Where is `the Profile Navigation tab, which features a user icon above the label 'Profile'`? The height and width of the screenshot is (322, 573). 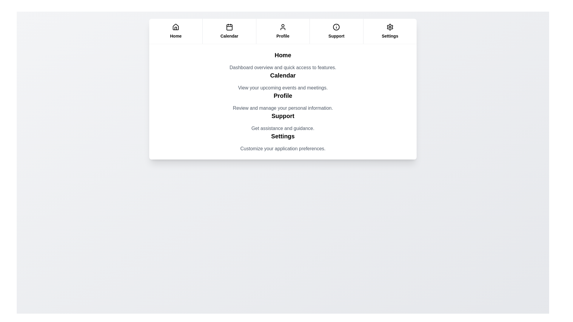 the Profile Navigation tab, which features a user icon above the label 'Profile' is located at coordinates (282, 31).